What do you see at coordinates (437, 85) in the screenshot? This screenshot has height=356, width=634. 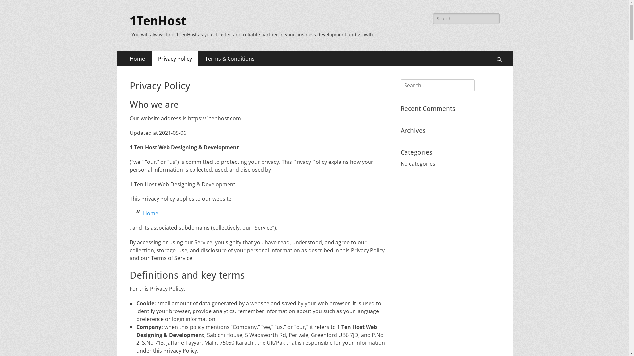 I see `'Search for:'` at bounding box center [437, 85].